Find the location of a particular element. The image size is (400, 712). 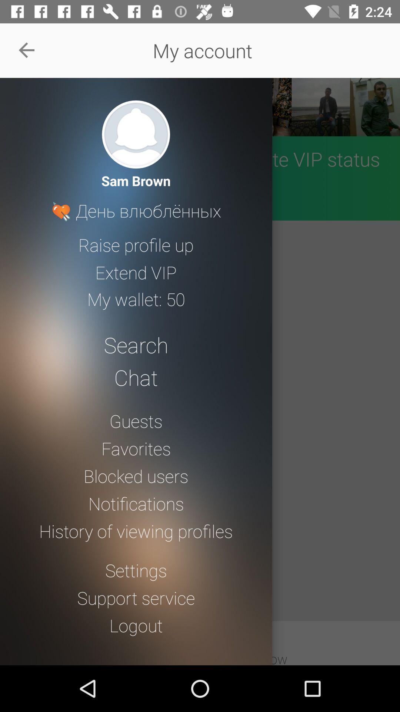

the text below extend vip is located at coordinates (136, 299).